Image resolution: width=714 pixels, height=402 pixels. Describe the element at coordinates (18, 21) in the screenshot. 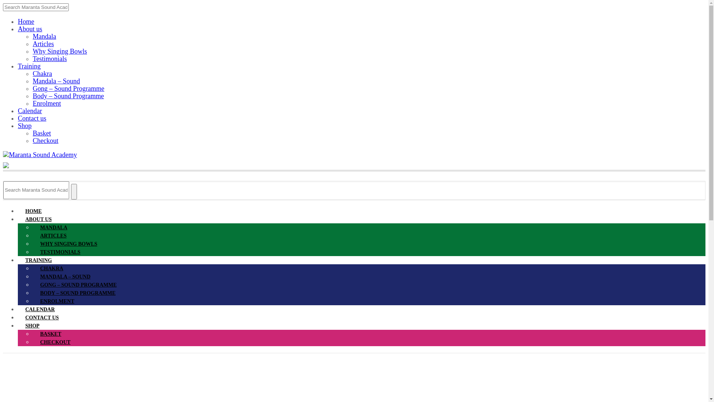

I see `'Home'` at that location.